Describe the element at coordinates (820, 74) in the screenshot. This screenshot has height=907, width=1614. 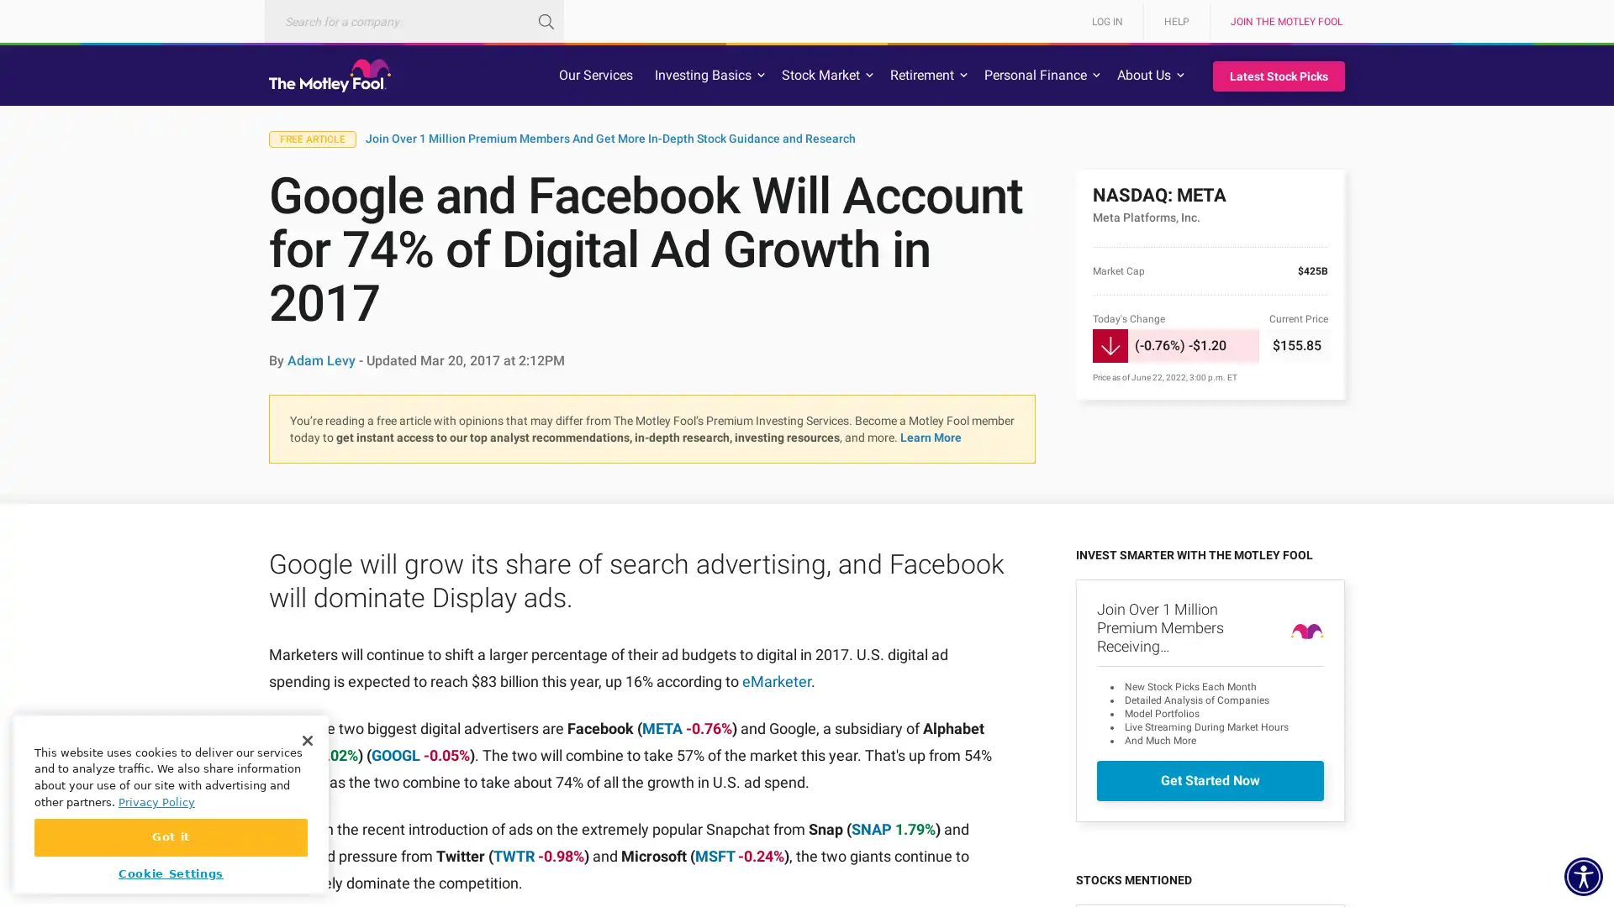
I see `Stock Market` at that location.